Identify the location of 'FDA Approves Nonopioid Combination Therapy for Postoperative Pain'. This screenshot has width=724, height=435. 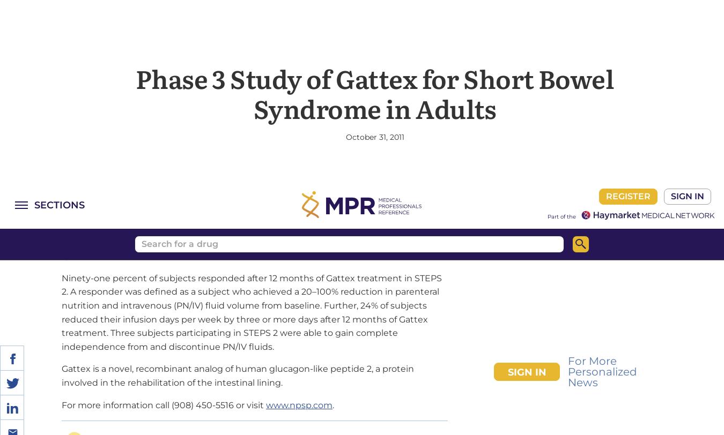
(227, 369).